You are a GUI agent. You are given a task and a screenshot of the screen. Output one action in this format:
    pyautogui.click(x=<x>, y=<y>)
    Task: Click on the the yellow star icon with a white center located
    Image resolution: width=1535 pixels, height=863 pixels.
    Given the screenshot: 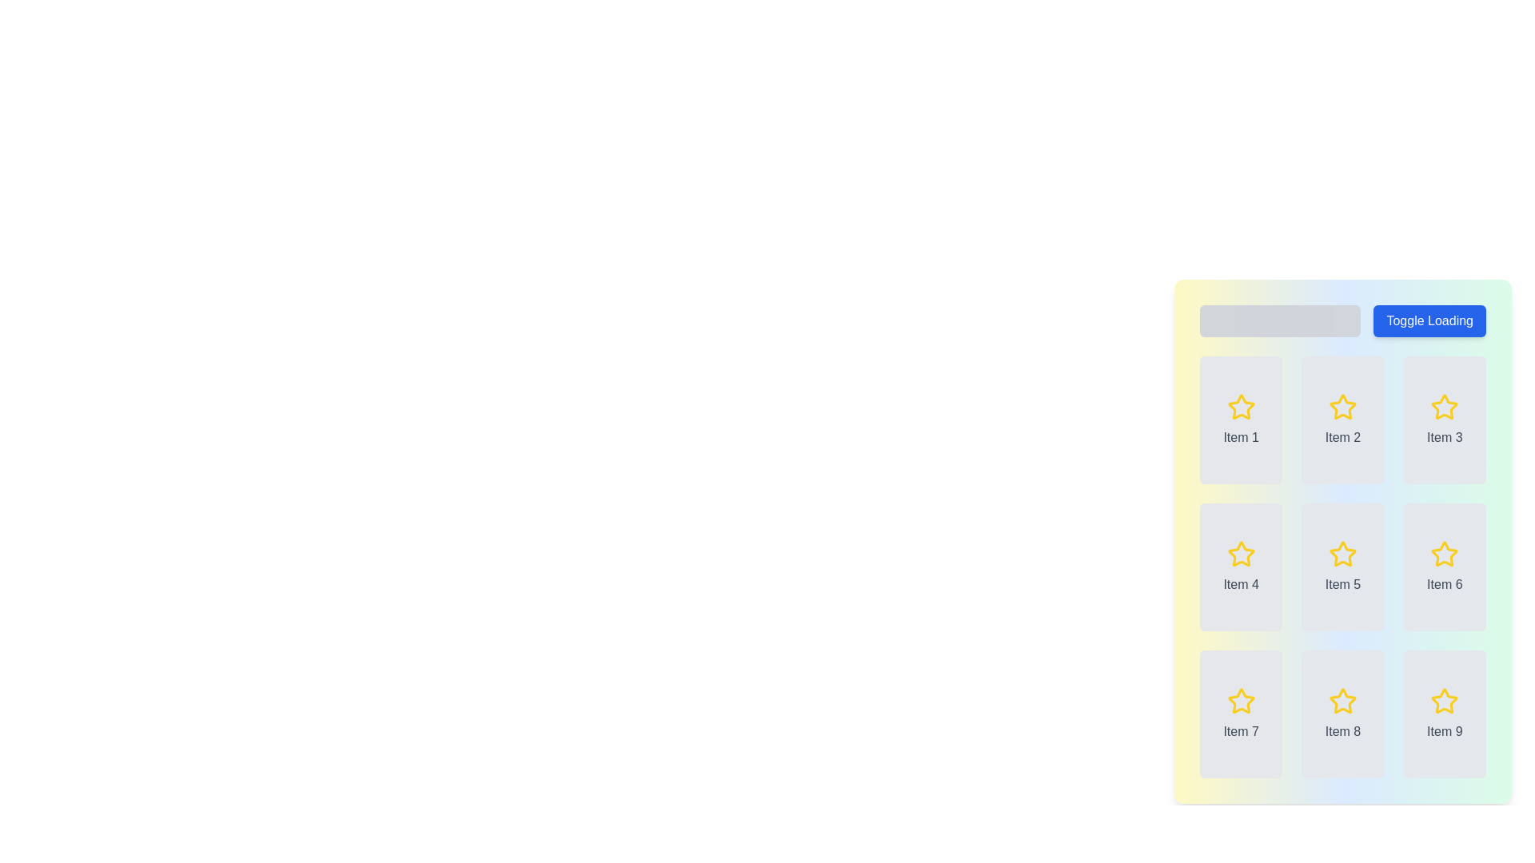 What is the action you would take?
    pyautogui.click(x=1445, y=406)
    